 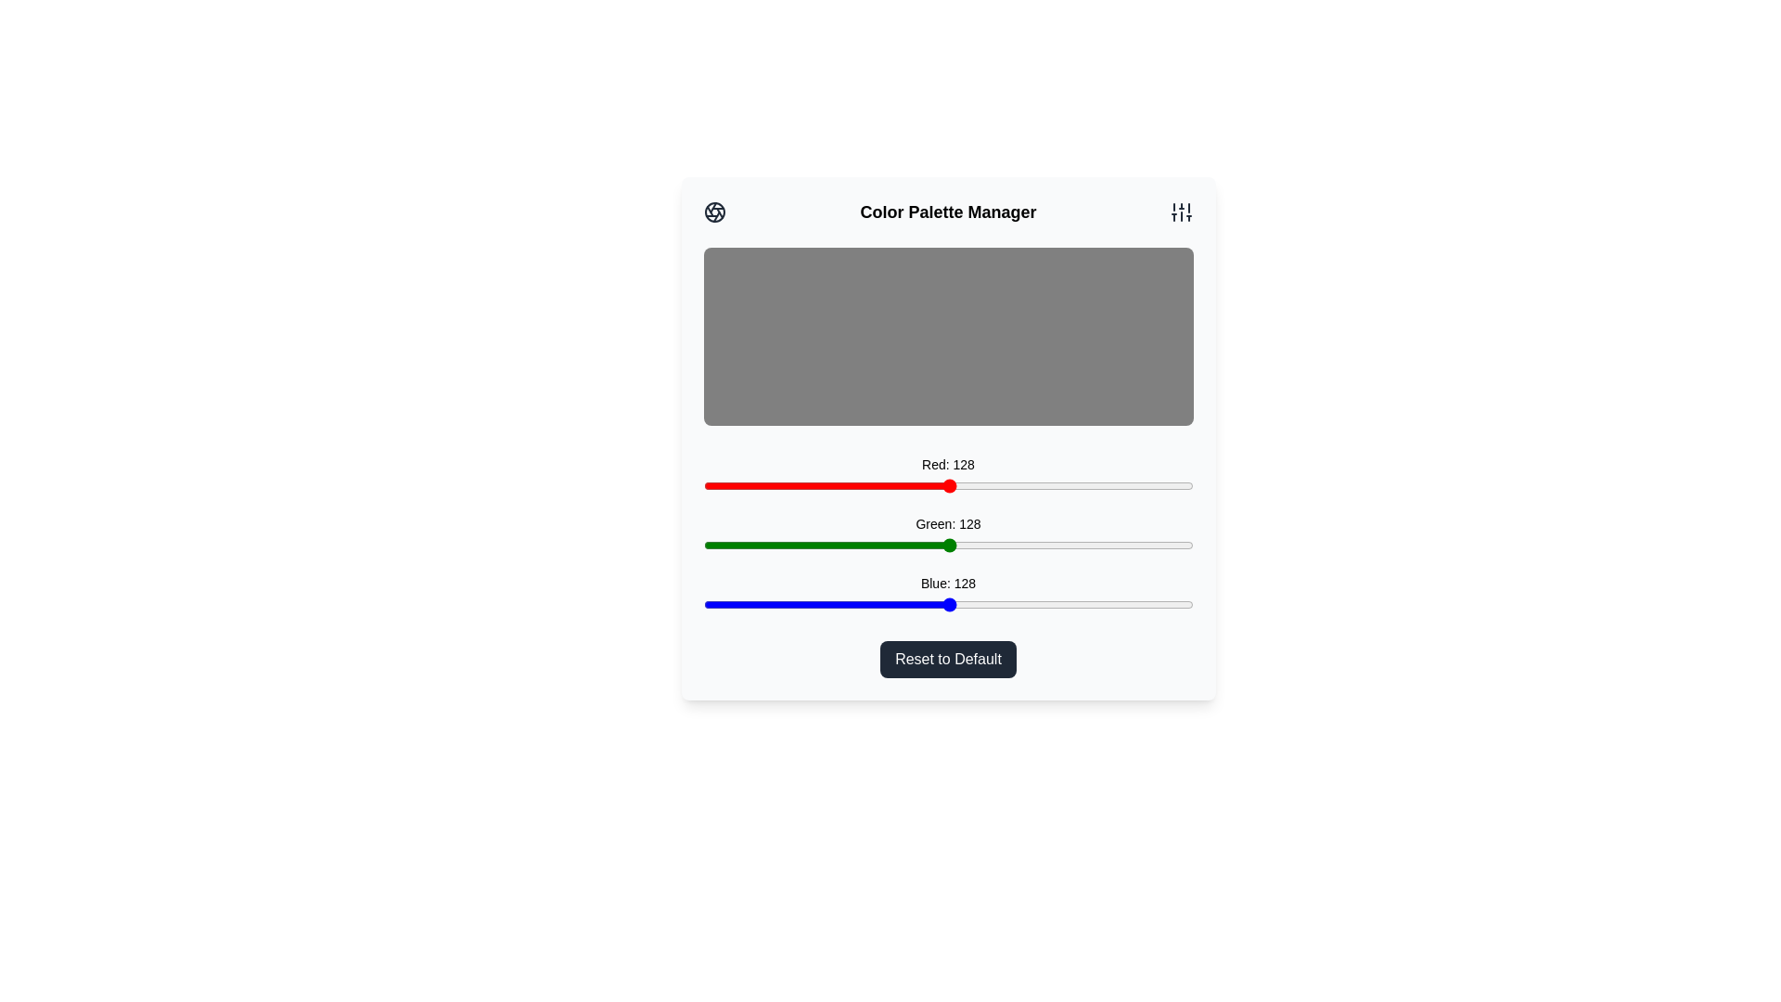 I want to click on the blue slider to set the blue intensity to 70, so click(x=837, y=604).